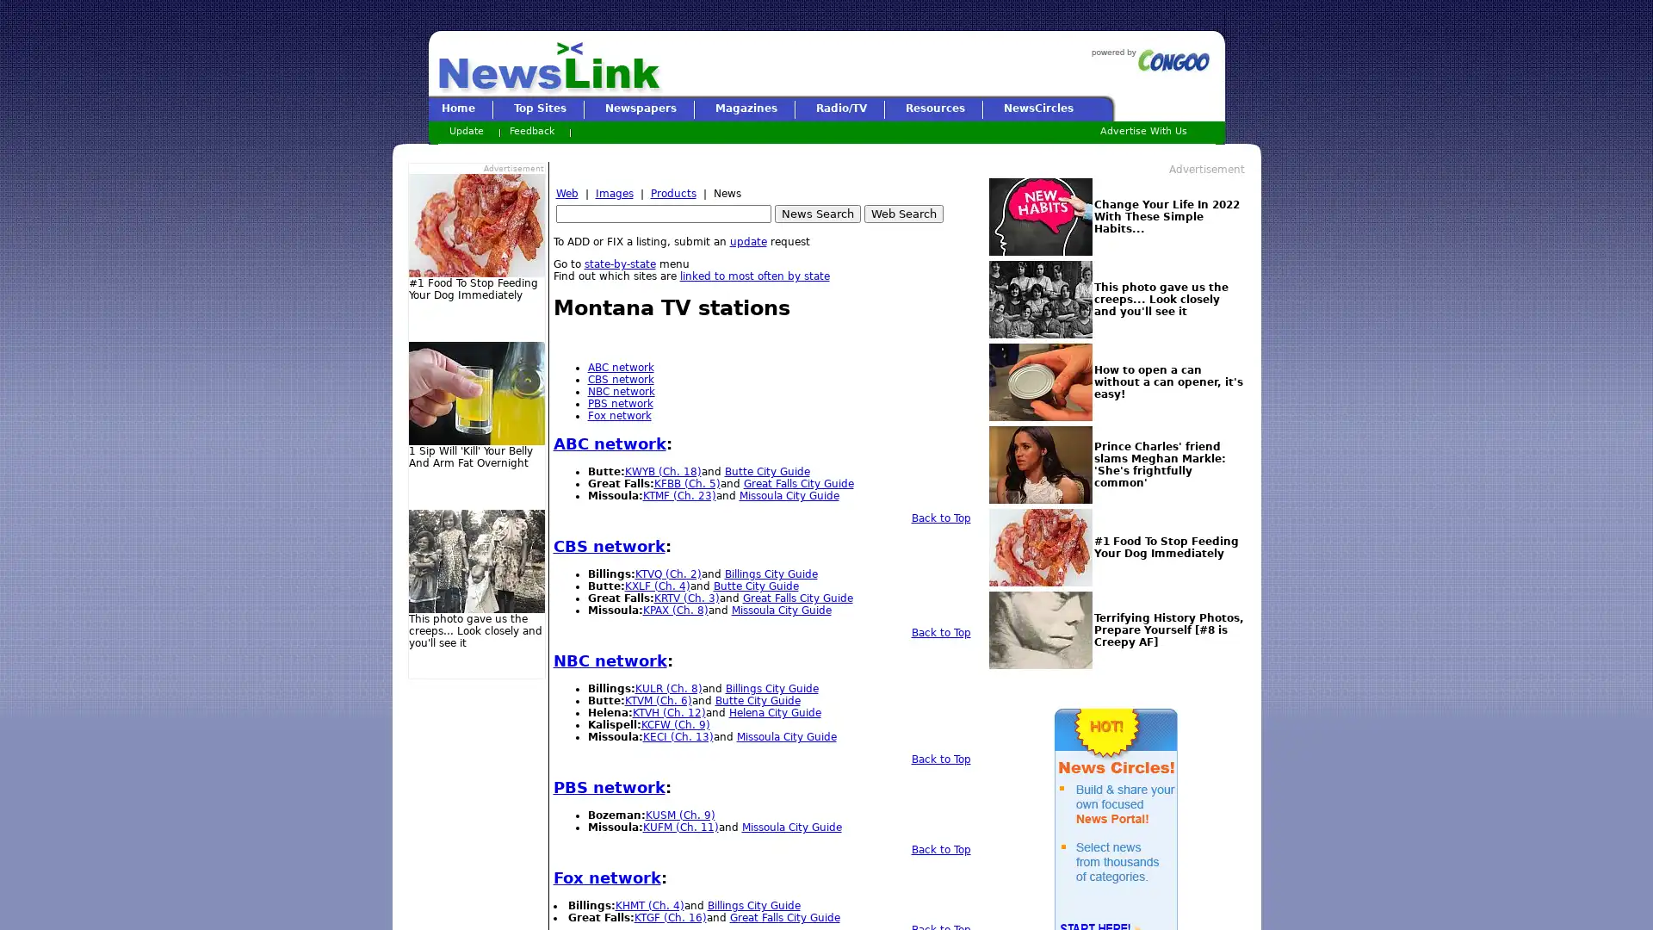  Describe the element at coordinates (816, 213) in the screenshot. I see `News Search` at that location.